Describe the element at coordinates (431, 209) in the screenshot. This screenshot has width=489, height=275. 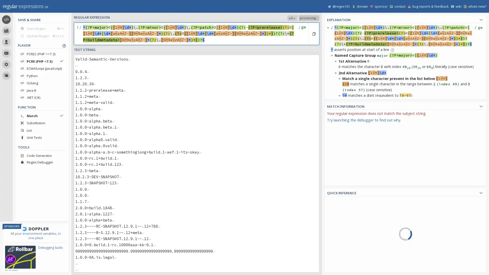
I see `A character except: a, b or c [^abc]` at that location.